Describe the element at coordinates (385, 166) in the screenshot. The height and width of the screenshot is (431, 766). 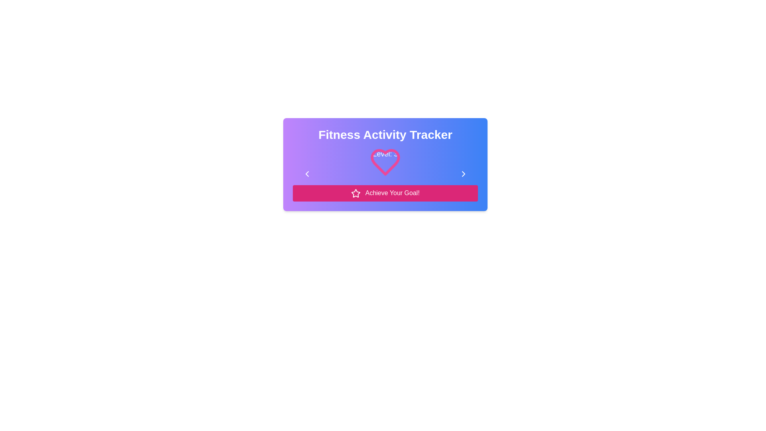
I see `the heart-shaped vector graphic icon in the 'Fitness Activity Tracker' panel, which is rendered in light pink and features a bounce animation effect` at that location.